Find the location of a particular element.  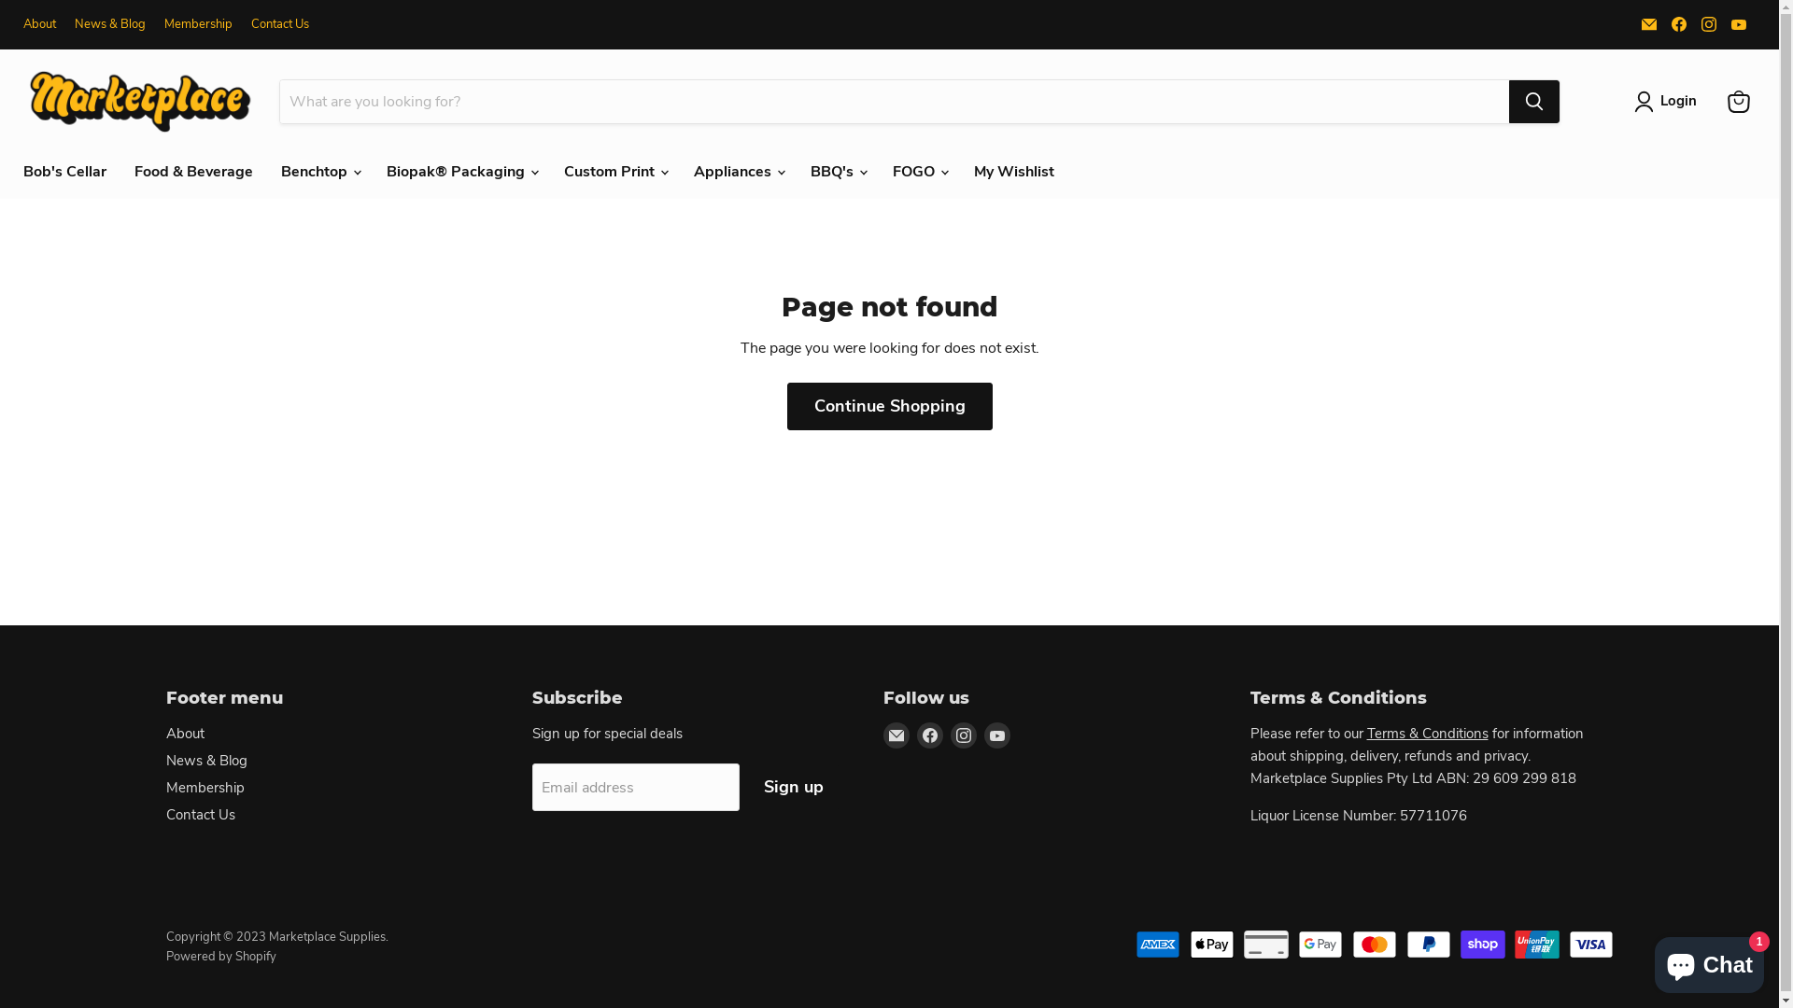

'Login' is located at coordinates (1669, 101).